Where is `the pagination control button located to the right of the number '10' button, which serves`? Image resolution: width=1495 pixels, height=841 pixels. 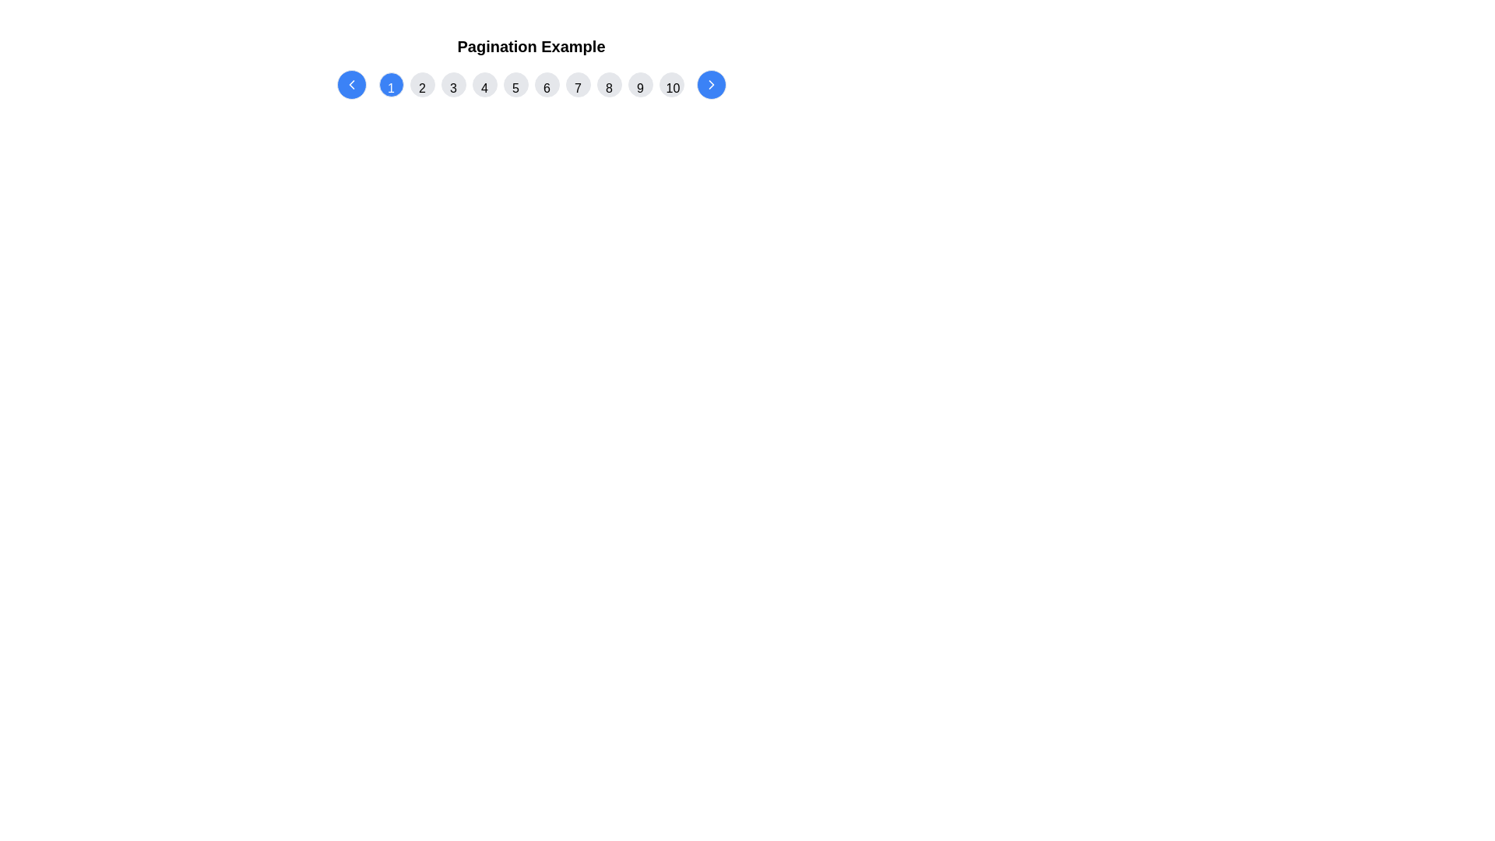 the pagination control button located to the right of the number '10' button, which serves is located at coordinates (710, 84).